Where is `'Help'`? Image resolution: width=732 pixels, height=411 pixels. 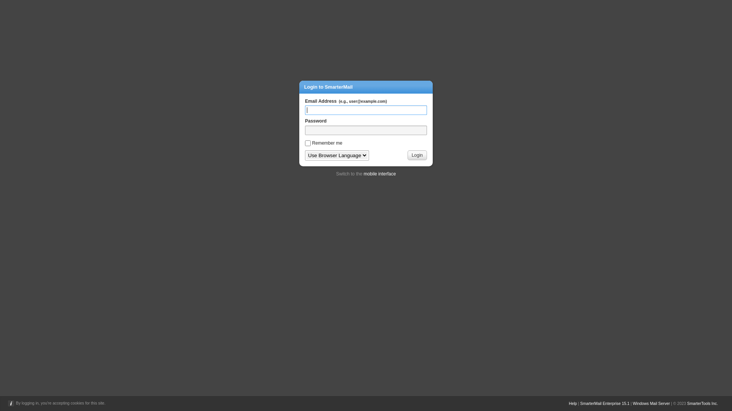 'Help' is located at coordinates (573, 403).